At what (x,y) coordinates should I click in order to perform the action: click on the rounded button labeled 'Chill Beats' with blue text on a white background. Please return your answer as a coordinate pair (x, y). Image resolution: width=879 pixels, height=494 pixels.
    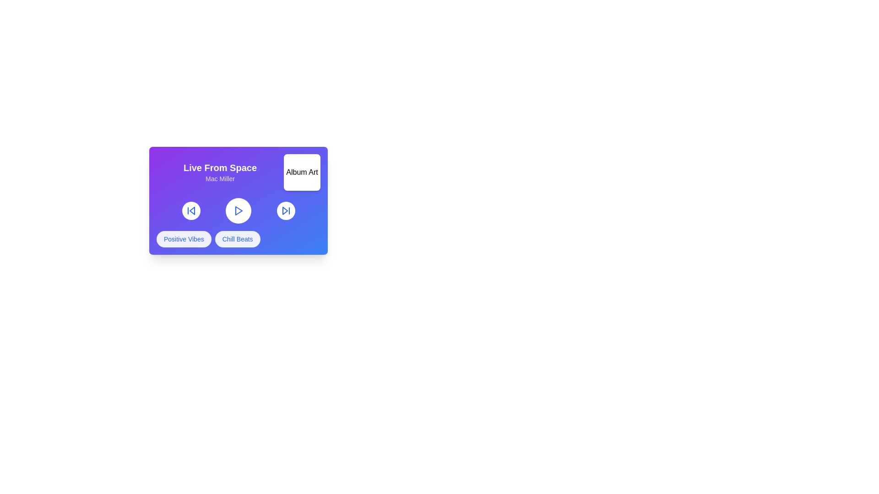
    Looking at the image, I should click on (238, 239).